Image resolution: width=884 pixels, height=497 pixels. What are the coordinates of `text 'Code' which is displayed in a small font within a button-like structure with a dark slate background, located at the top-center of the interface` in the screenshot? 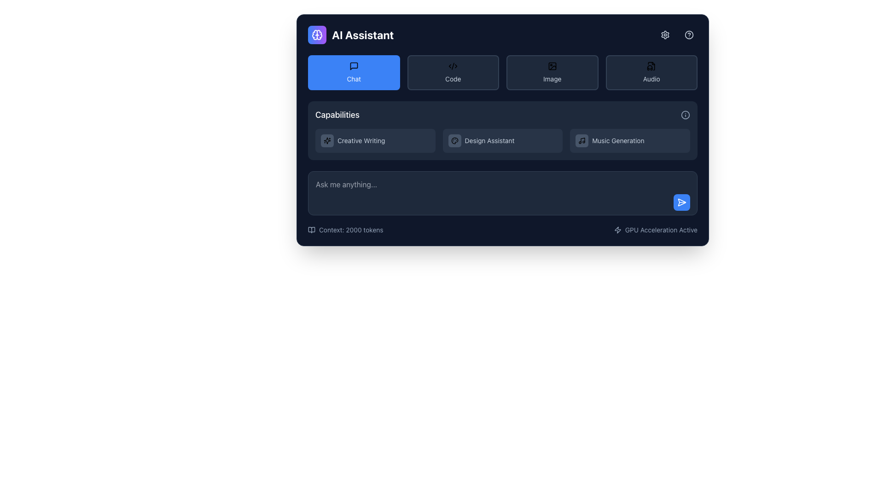 It's located at (453, 79).